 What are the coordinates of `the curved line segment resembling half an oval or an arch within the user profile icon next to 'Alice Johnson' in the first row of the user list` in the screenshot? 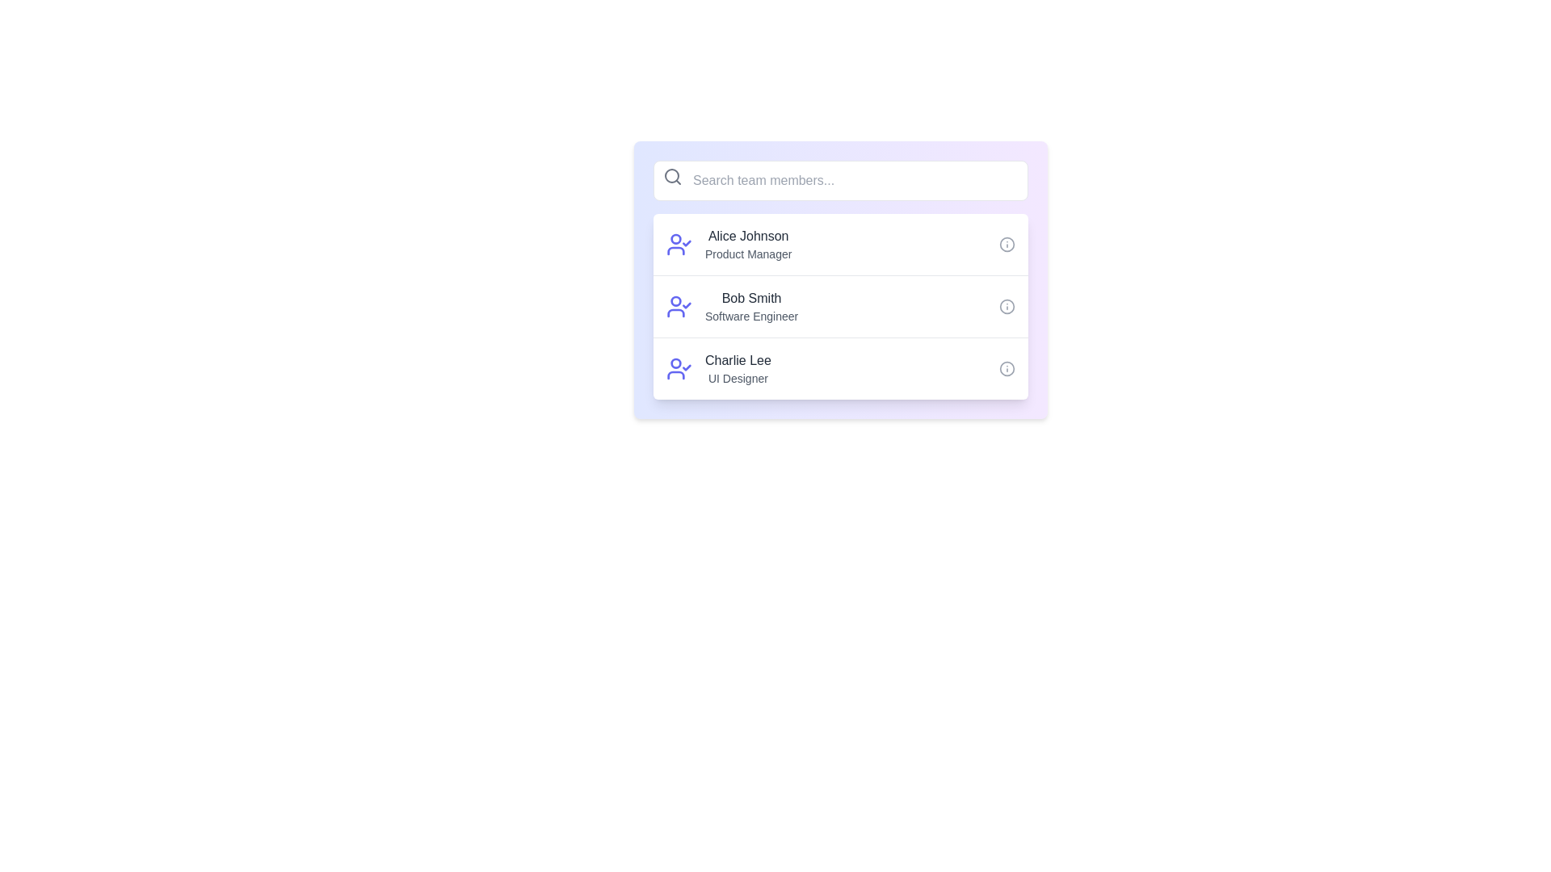 It's located at (675, 251).